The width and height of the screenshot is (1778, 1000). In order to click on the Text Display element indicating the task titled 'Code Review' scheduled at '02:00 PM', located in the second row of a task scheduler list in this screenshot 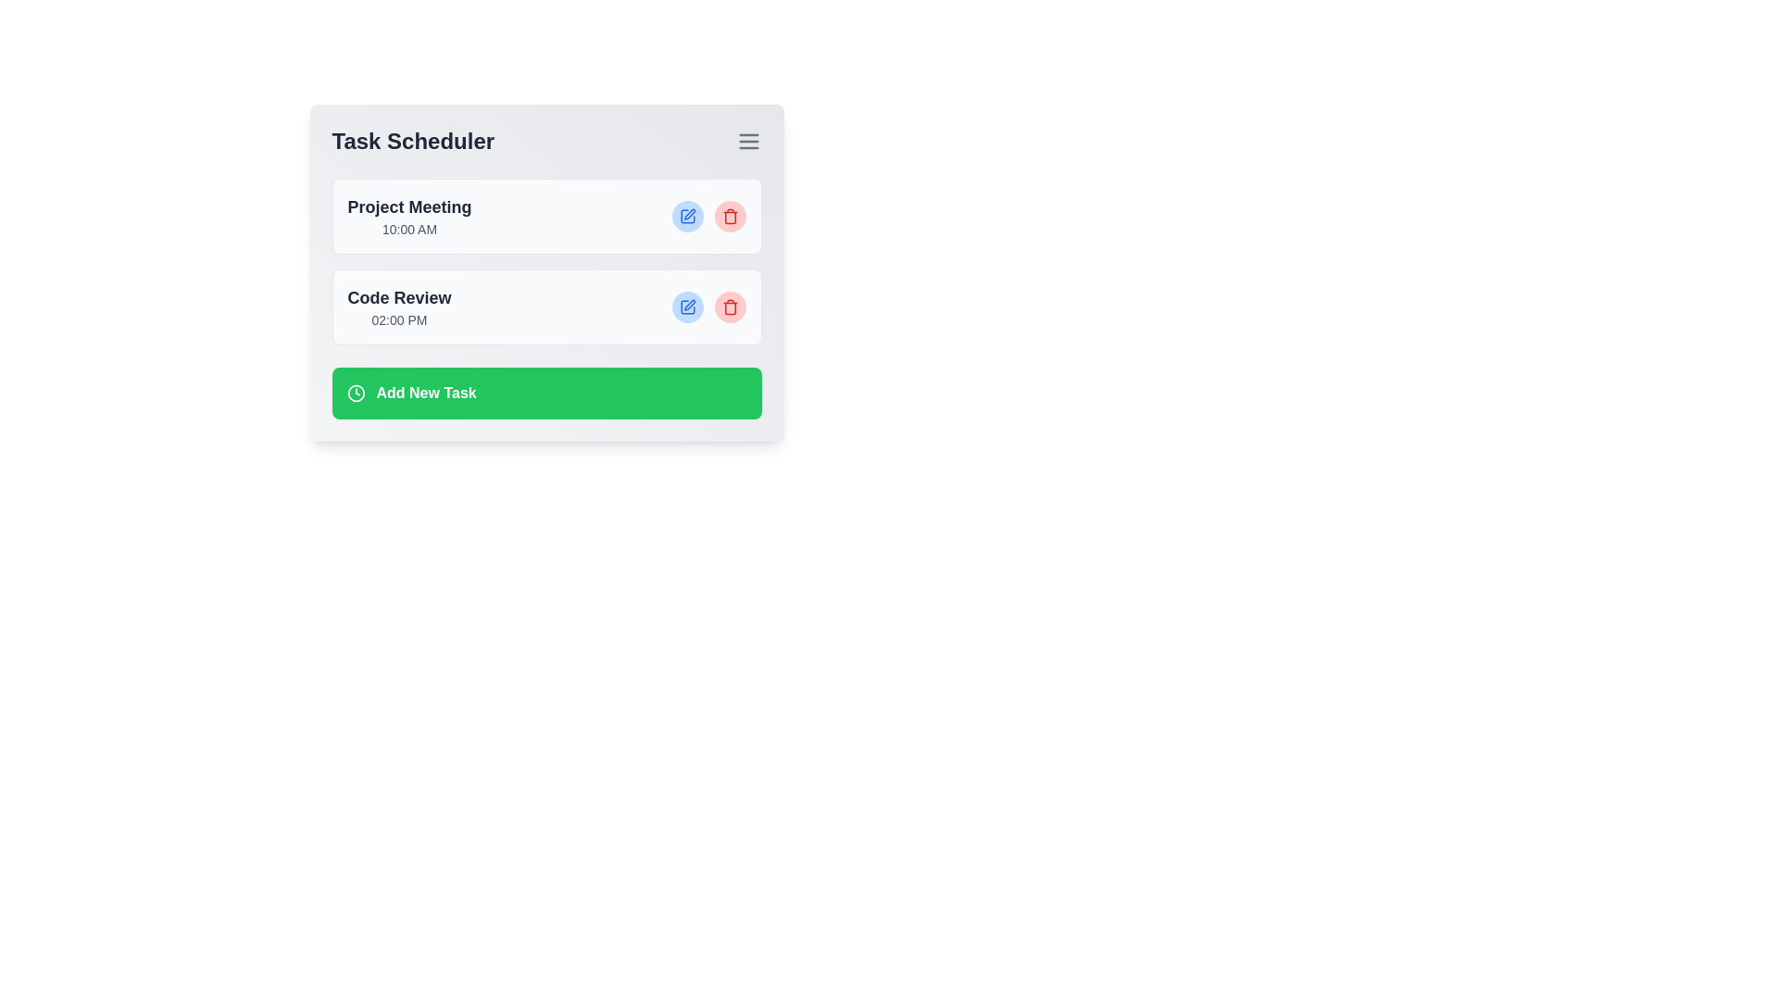, I will do `click(398, 306)`.